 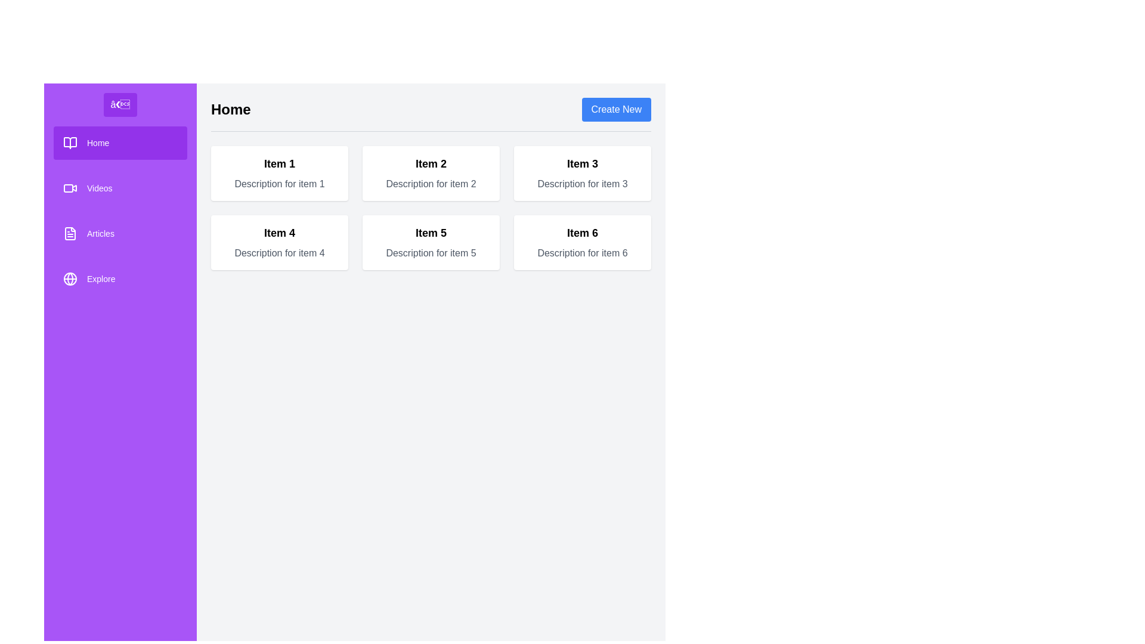 What do you see at coordinates (120, 142) in the screenshot?
I see `the purple 'Home' button with rounded corners on the left sidebar` at bounding box center [120, 142].